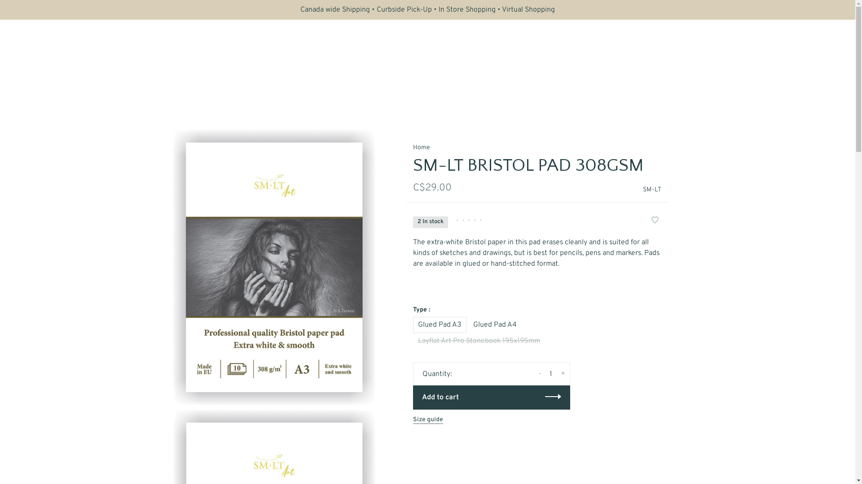 Image resolution: width=862 pixels, height=484 pixels. Describe the element at coordinates (413, 147) in the screenshot. I see `'Home'` at that location.